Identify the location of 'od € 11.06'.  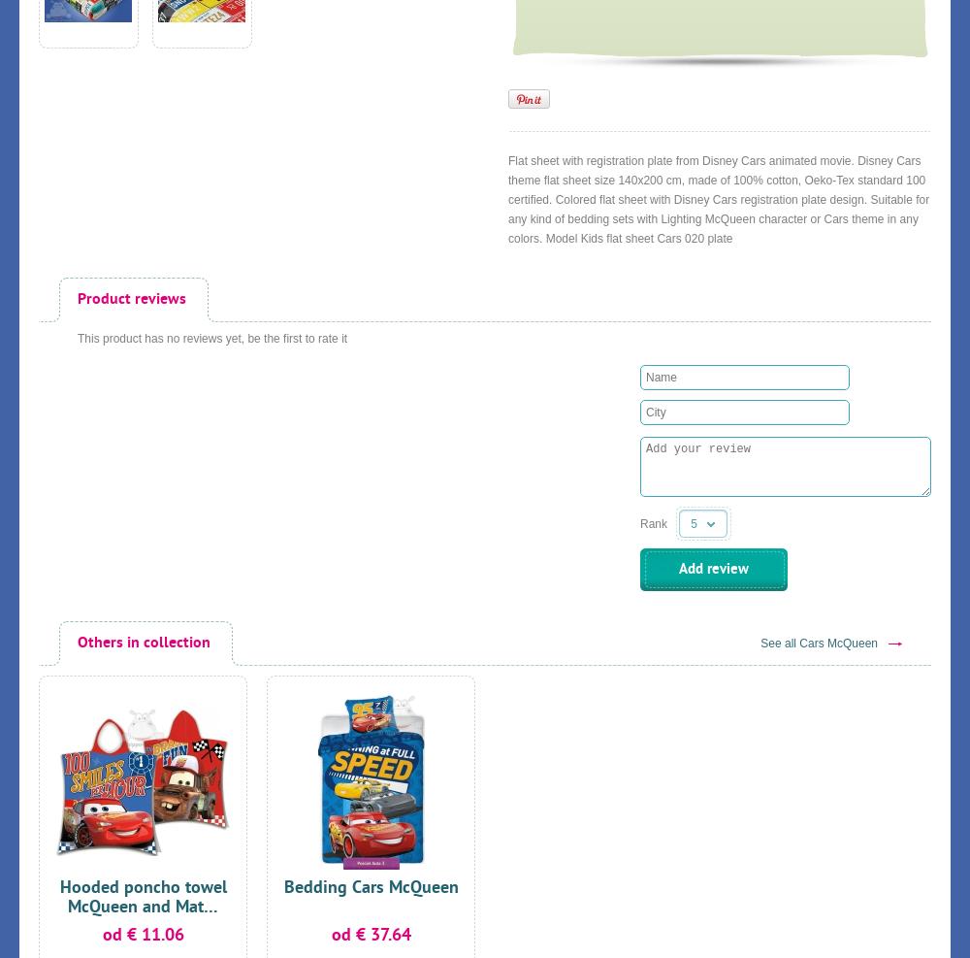
(143, 936).